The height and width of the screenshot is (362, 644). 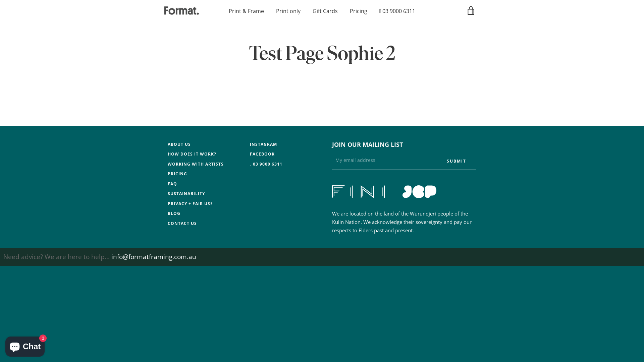 What do you see at coordinates (167, 184) in the screenshot?
I see `'FAQ'` at bounding box center [167, 184].